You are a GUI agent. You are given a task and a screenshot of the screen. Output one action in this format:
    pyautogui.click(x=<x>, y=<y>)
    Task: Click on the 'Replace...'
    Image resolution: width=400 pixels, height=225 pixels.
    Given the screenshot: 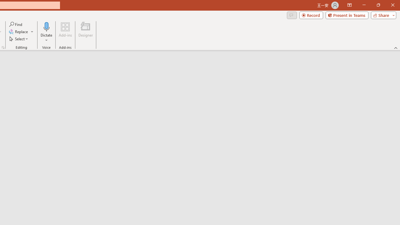 What is the action you would take?
    pyautogui.click(x=22, y=32)
    